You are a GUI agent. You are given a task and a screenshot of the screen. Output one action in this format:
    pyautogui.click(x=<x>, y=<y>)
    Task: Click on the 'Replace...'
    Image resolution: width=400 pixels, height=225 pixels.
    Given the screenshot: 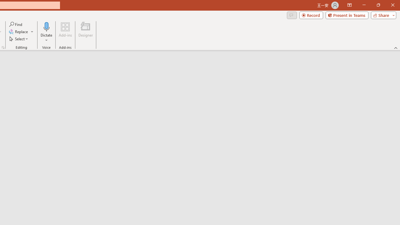 What is the action you would take?
    pyautogui.click(x=22, y=32)
    